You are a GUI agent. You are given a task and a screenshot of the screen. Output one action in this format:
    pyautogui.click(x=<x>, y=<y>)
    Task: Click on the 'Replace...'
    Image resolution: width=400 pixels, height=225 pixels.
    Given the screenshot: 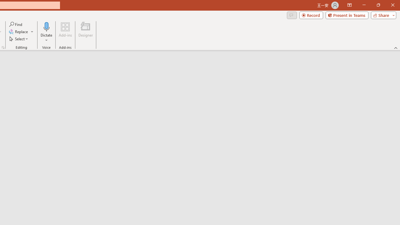 What is the action you would take?
    pyautogui.click(x=22, y=32)
    